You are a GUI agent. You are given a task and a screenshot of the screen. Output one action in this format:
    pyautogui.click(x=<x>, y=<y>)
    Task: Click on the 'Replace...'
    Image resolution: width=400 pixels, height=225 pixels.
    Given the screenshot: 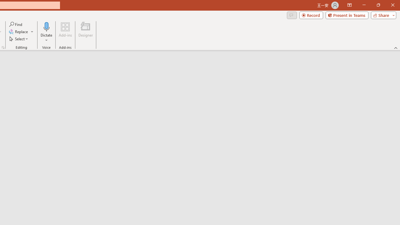 What is the action you would take?
    pyautogui.click(x=22, y=32)
    